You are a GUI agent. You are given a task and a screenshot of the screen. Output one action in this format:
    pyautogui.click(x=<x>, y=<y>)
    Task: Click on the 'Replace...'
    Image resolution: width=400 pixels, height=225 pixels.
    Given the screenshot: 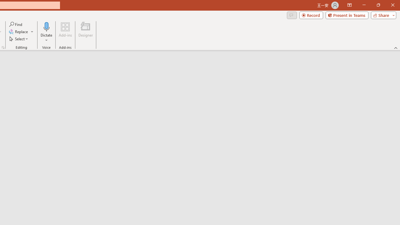 What is the action you would take?
    pyautogui.click(x=22, y=32)
    